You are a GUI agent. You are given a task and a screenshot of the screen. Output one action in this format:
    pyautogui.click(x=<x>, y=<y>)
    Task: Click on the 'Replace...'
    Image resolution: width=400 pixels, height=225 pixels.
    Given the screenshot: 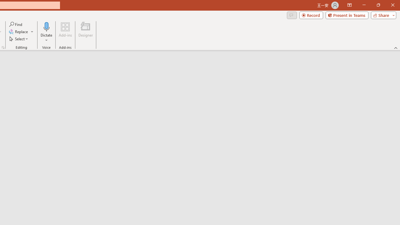 What is the action you would take?
    pyautogui.click(x=22, y=32)
    